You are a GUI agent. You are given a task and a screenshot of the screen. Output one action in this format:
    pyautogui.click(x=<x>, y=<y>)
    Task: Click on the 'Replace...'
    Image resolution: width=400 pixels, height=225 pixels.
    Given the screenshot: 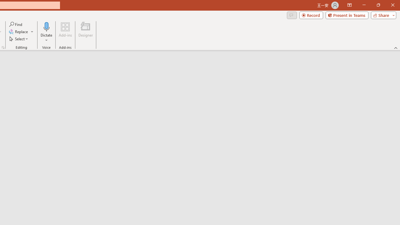 What is the action you would take?
    pyautogui.click(x=22, y=32)
    